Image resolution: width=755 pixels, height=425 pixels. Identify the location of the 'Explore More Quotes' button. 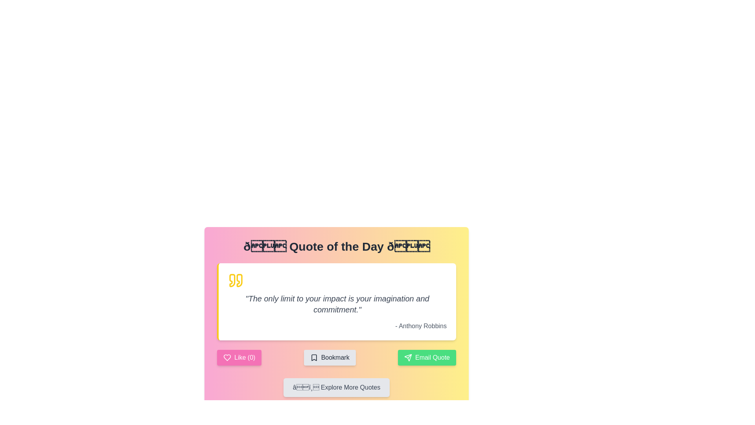
(336, 387).